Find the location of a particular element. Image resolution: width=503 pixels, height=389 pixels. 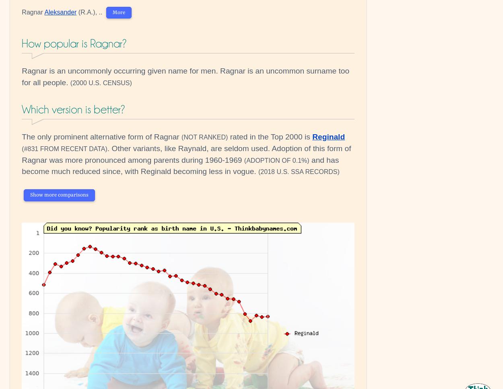

'Ragnar' is located at coordinates (33, 12).